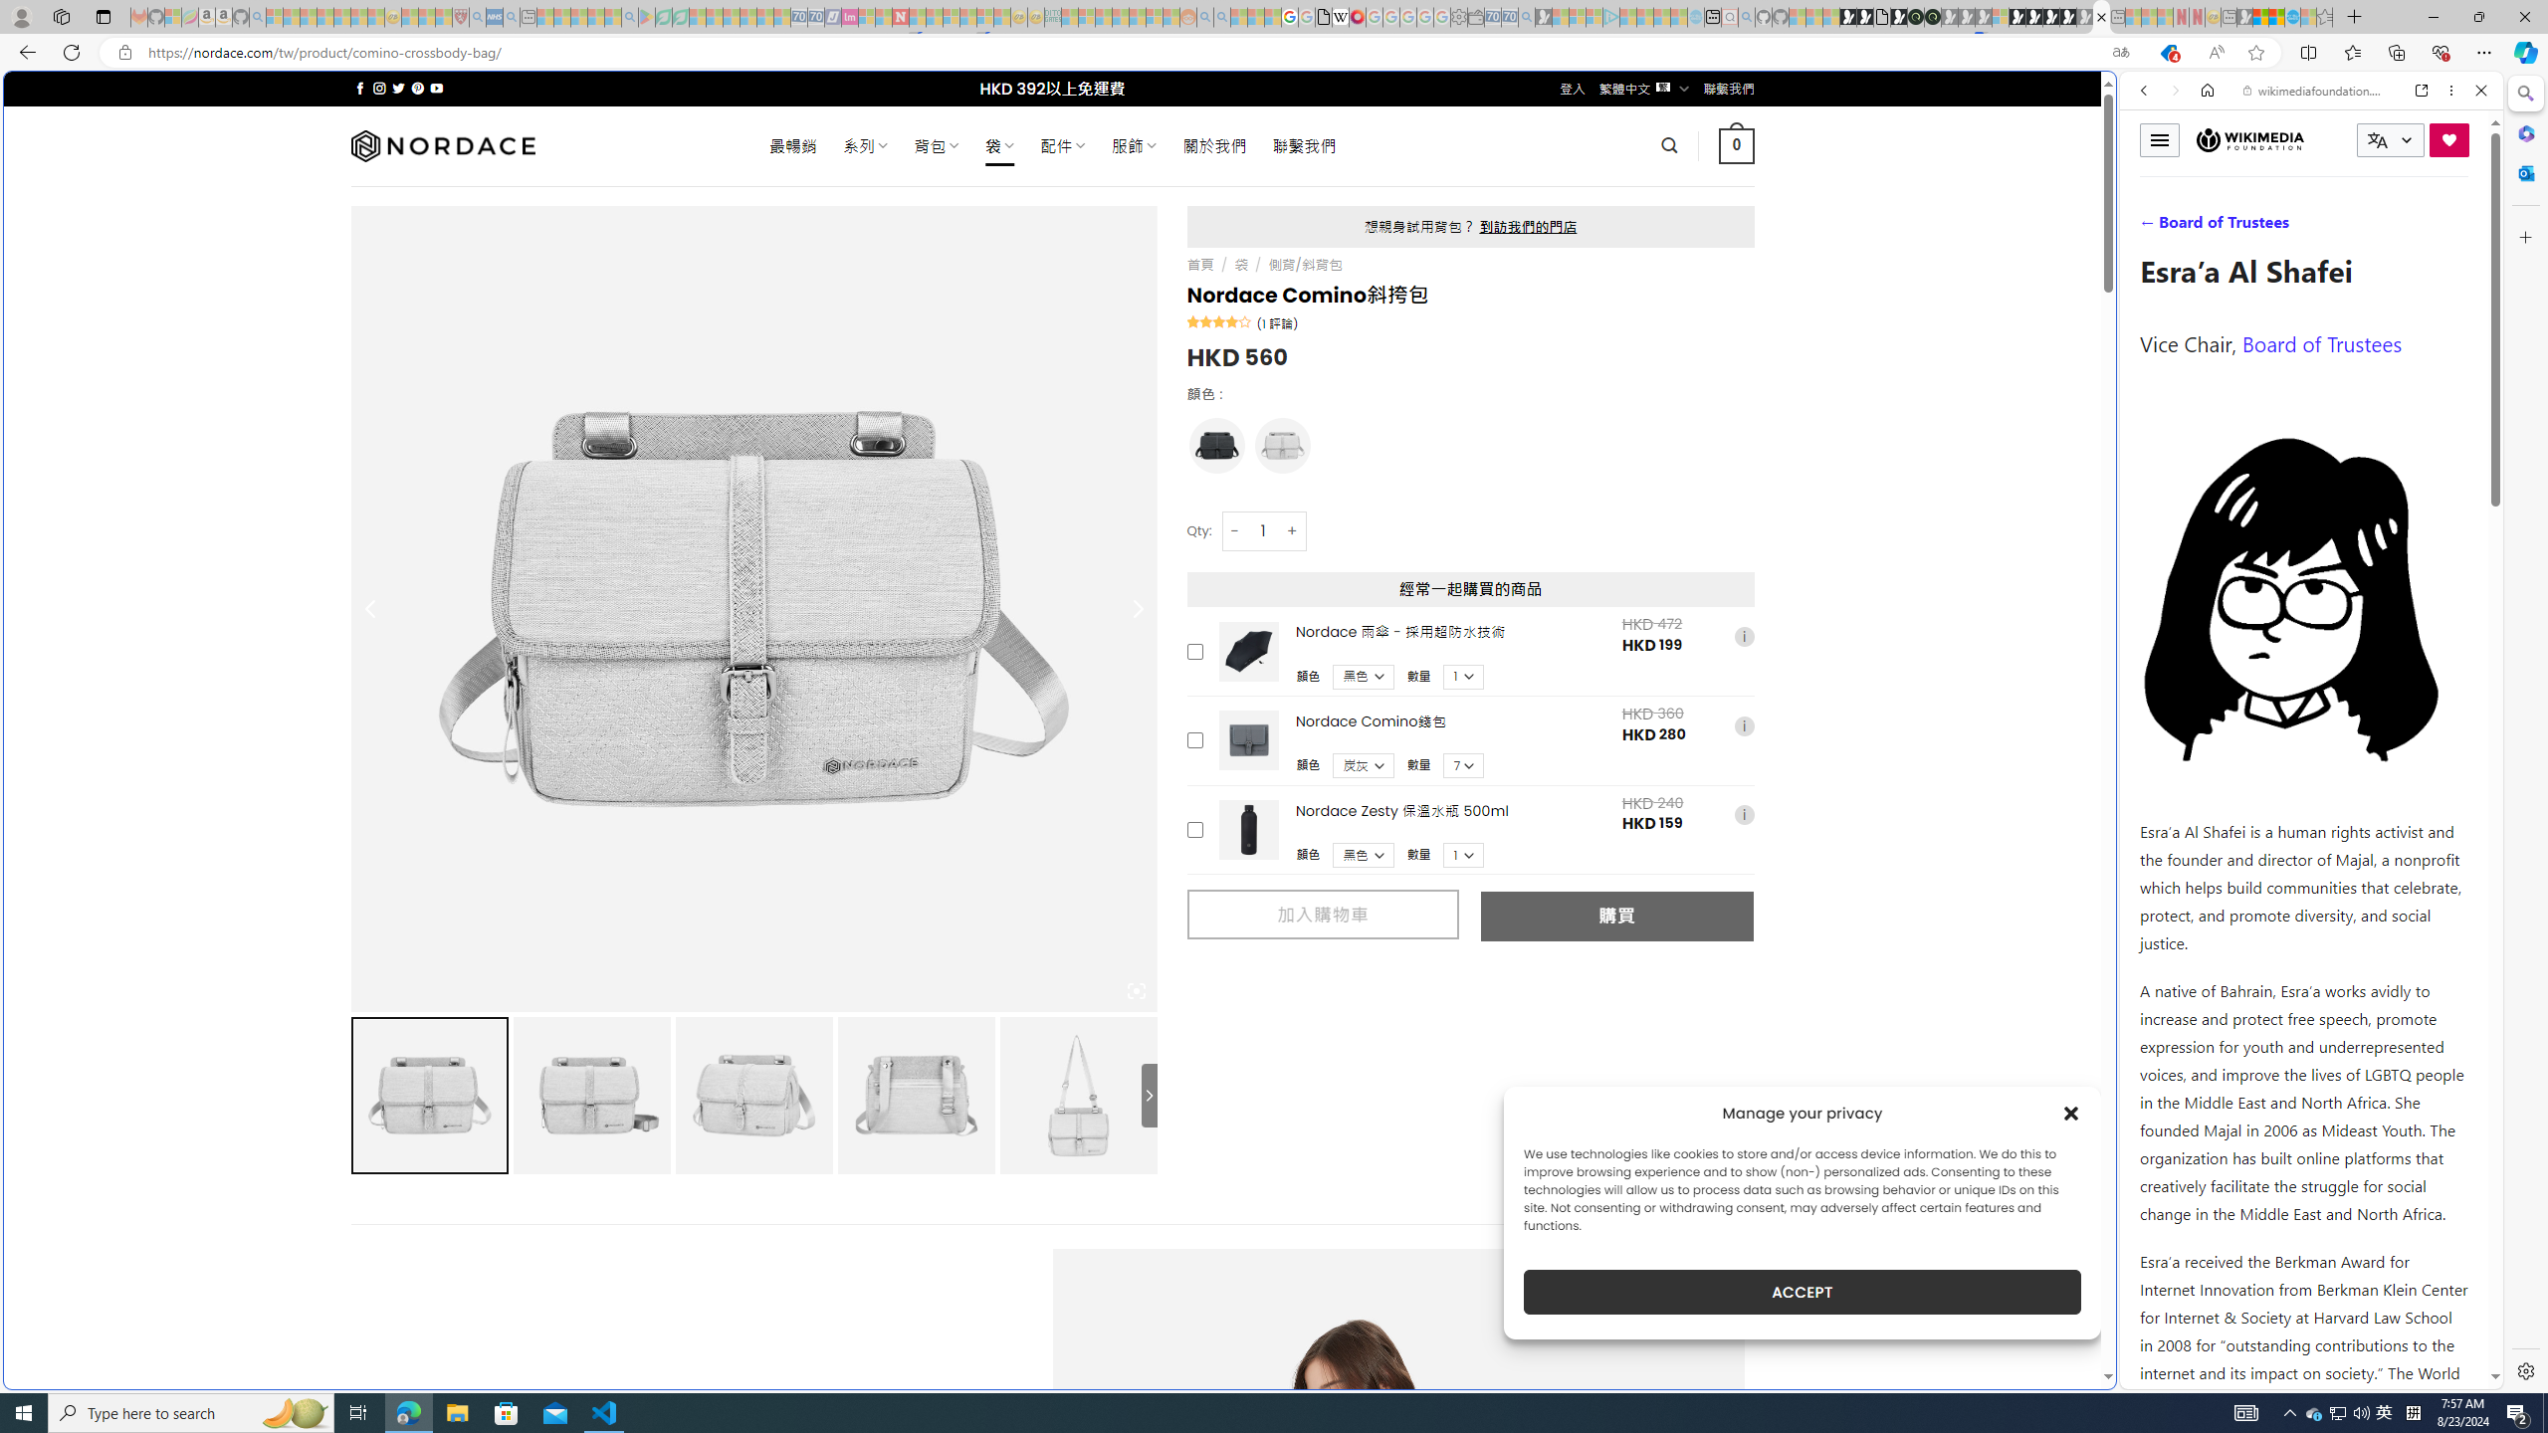  What do you see at coordinates (2248, 140) in the screenshot?
I see `'Wikimedia Foundation'` at bounding box center [2248, 140].